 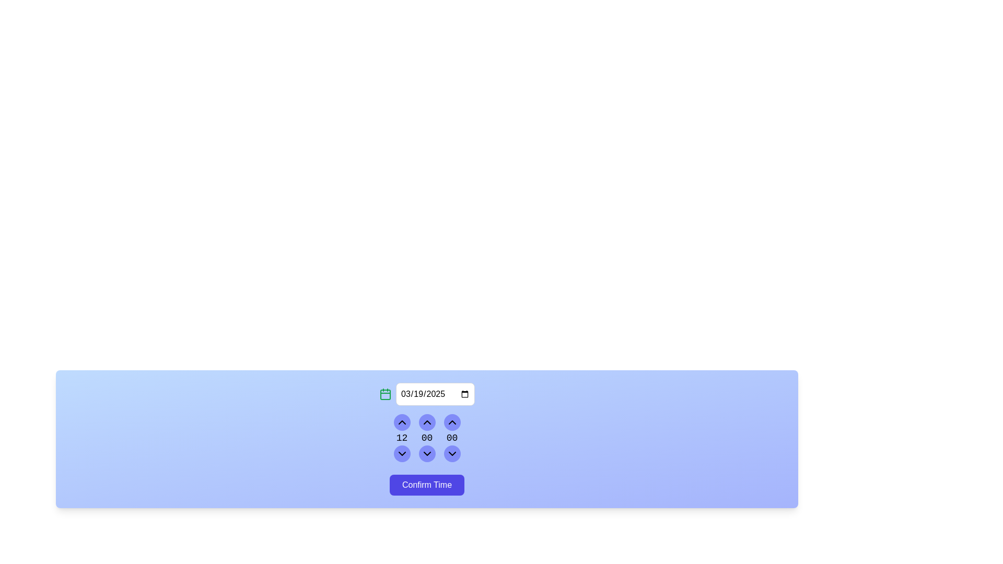 What do you see at coordinates (401, 453) in the screenshot?
I see `the SVG icon representing a down chevron located within the circular button in the bottom-left section of the time adjustment interface` at bounding box center [401, 453].